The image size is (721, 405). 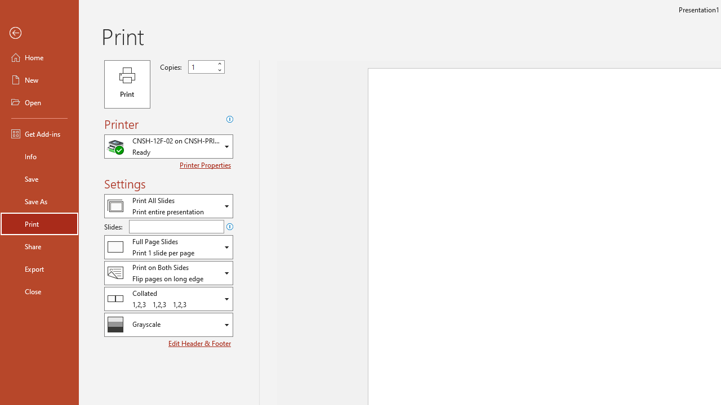 I want to click on 'Color/Grayscale', so click(x=168, y=325).